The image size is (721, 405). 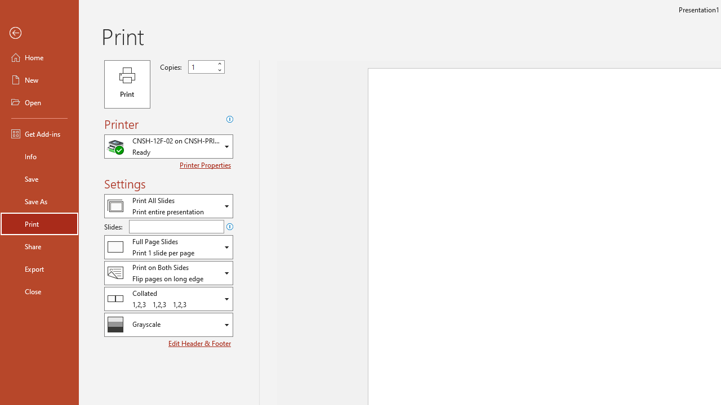 I want to click on 'Color/Grayscale', so click(x=168, y=325).